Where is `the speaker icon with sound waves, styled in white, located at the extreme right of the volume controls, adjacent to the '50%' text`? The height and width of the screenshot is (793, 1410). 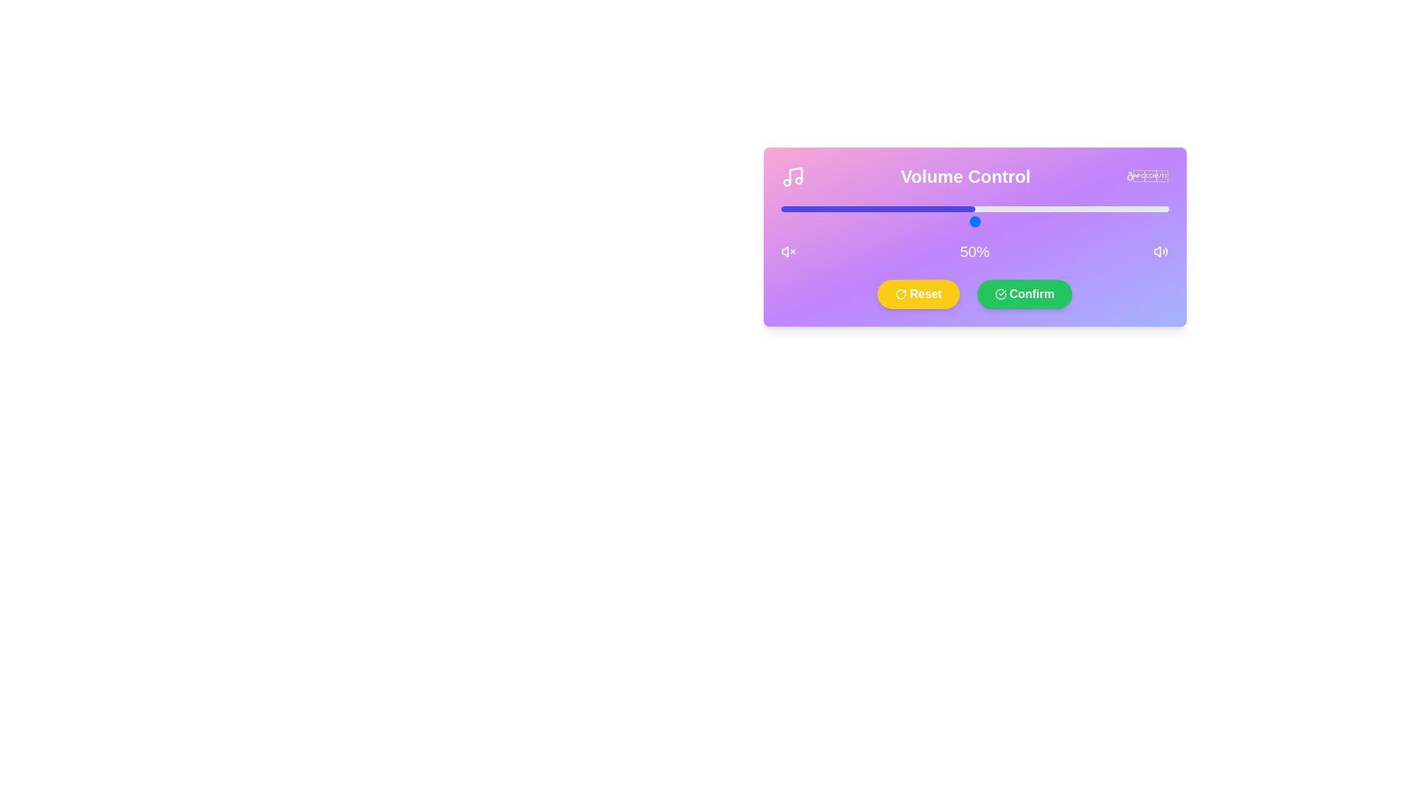
the speaker icon with sound waves, styled in white, located at the extreme right of the volume controls, adjacent to the '50%' text is located at coordinates (1160, 251).